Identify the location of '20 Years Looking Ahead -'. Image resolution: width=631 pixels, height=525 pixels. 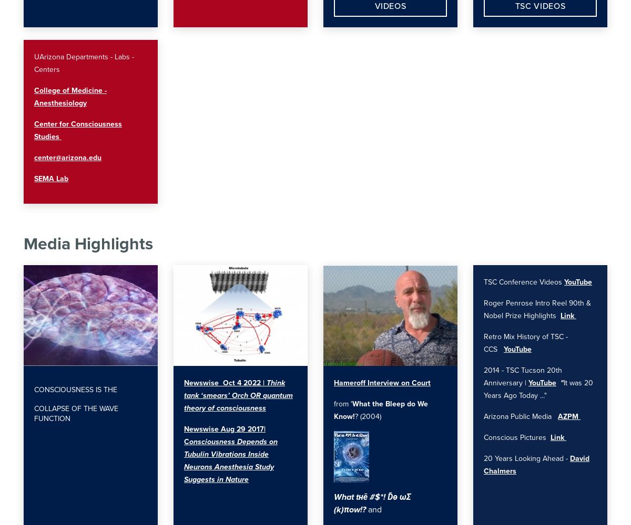
(527, 458).